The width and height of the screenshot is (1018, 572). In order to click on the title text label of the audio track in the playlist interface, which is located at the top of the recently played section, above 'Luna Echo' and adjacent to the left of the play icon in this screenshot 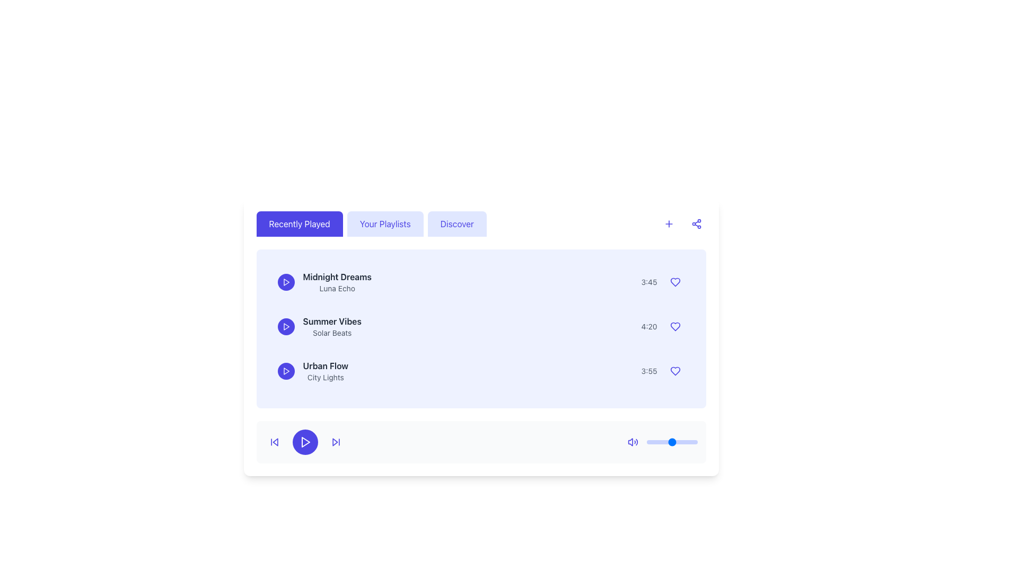, I will do `click(337, 276)`.